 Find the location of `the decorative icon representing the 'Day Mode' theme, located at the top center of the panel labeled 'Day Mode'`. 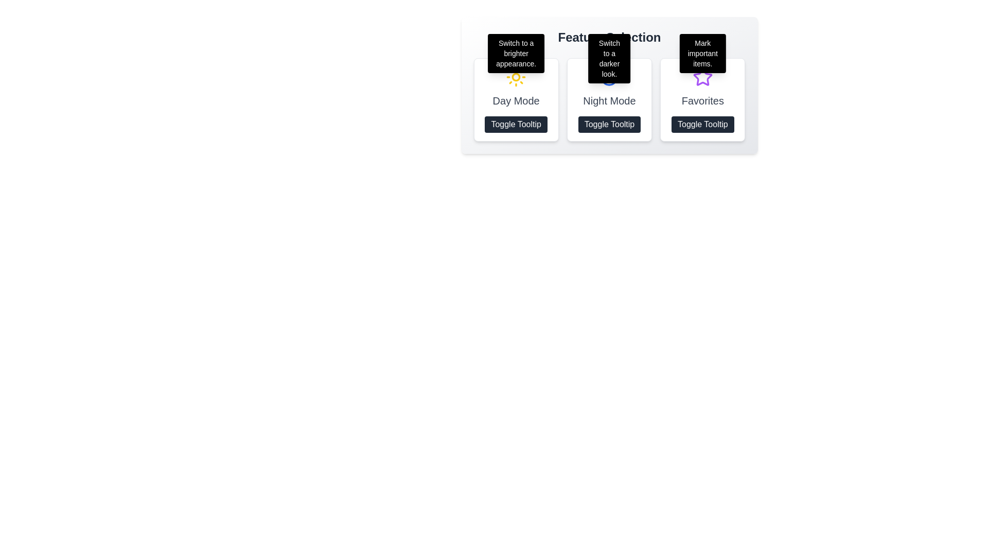

the decorative icon representing the 'Day Mode' theme, located at the top center of the panel labeled 'Day Mode' is located at coordinates (516, 77).